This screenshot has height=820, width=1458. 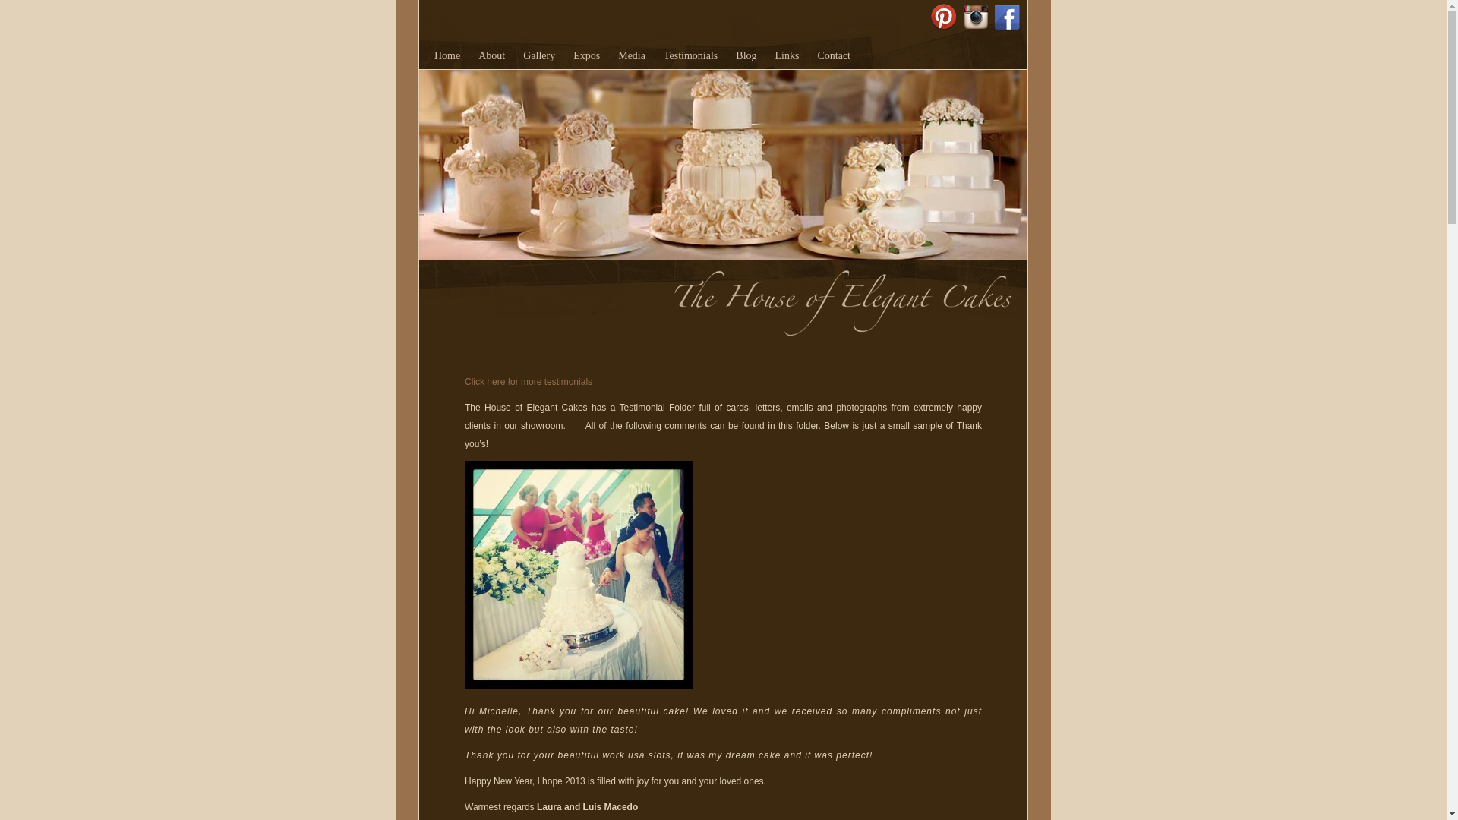 I want to click on 'Gallery', so click(x=539, y=55).